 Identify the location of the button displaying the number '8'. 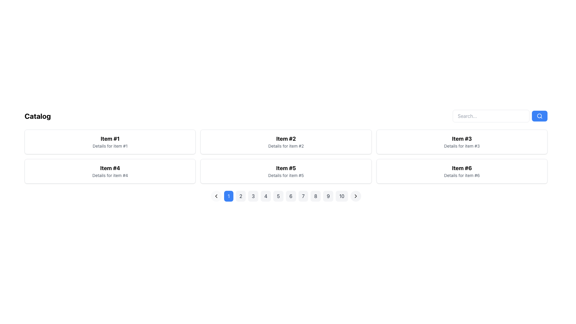
(315, 196).